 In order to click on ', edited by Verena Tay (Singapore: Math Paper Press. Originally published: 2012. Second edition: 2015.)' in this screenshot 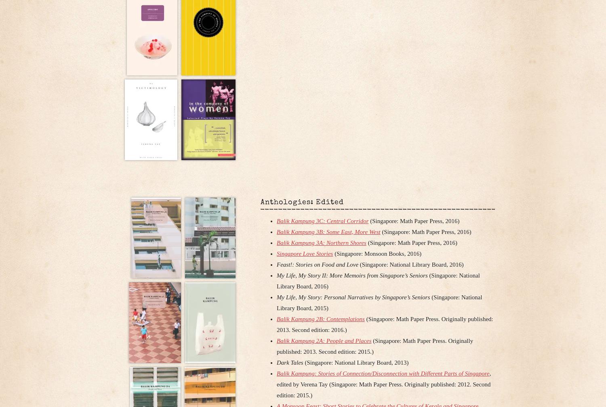, I will do `click(383, 384)`.